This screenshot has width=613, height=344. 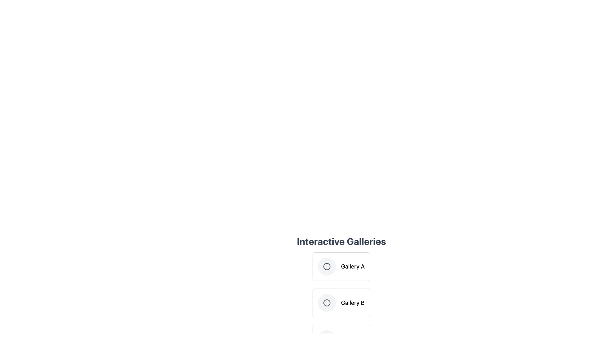 What do you see at coordinates (341, 303) in the screenshot?
I see `the second list item for 'Gallery B' under the heading 'Interactive Galleries'` at bounding box center [341, 303].